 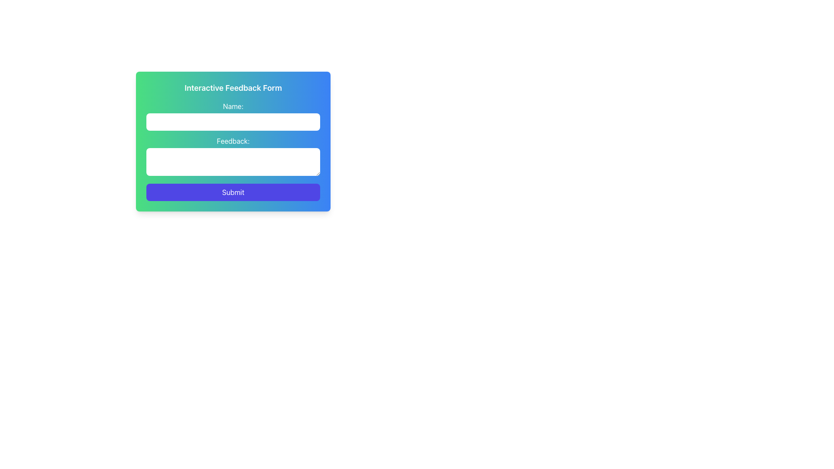 What do you see at coordinates (233, 106) in the screenshot?
I see `the label that informs the user about the purpose of the adjacent text input field, which is positioned directly above it` at bounding box center [233, 106].